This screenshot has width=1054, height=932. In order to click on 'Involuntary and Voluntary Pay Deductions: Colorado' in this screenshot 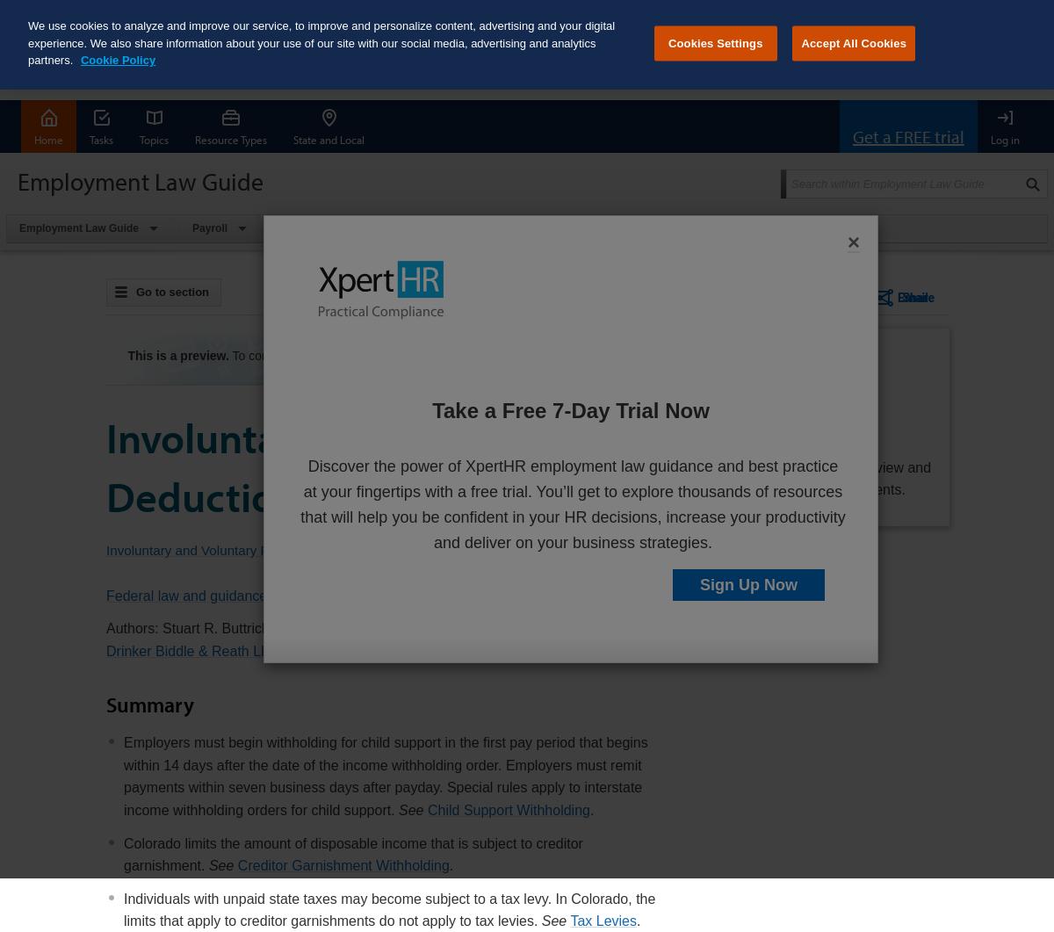, I will do `click(379, 466)`.